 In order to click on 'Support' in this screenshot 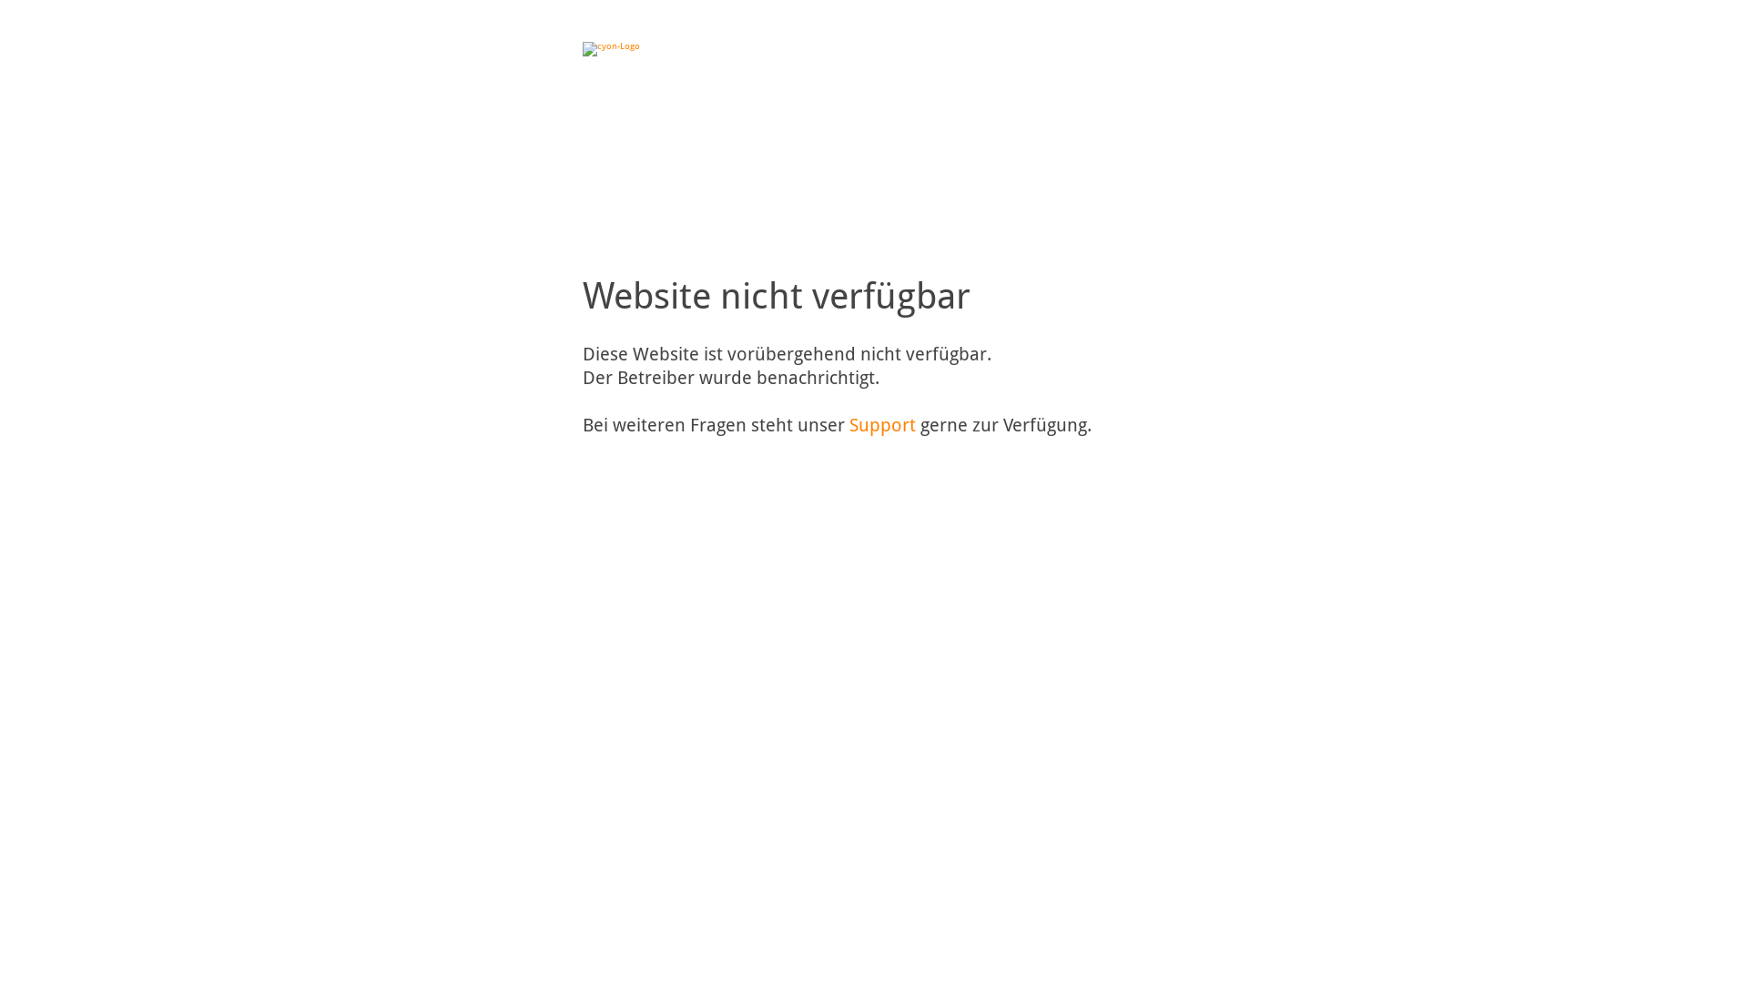, I will do `click(848, 424)`.